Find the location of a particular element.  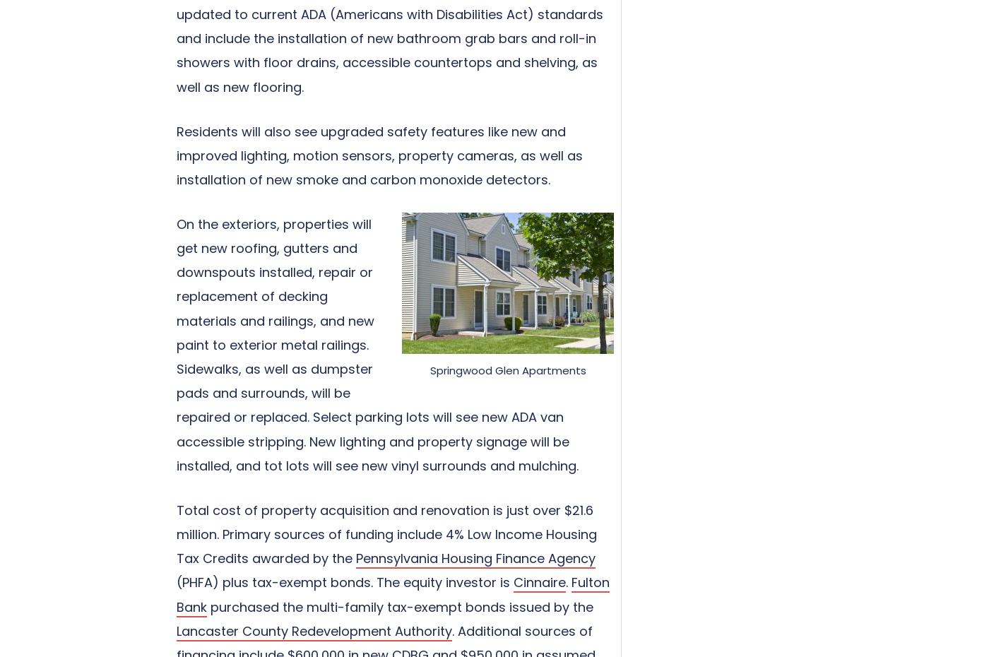

'(PHFA) plus tax-exempt bonds. The equity investor is' is located at coordinates (345, 581).